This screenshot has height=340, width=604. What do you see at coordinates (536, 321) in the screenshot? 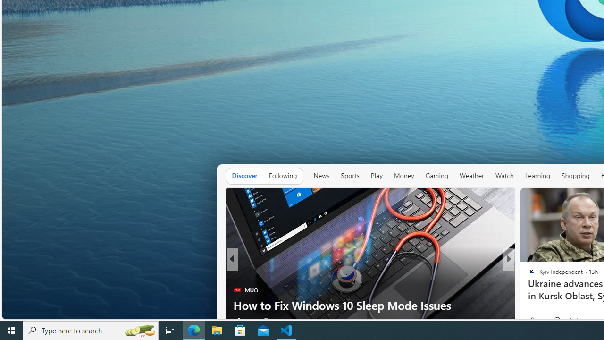
I see `'53 Like'` at bounding box center [536, 321].